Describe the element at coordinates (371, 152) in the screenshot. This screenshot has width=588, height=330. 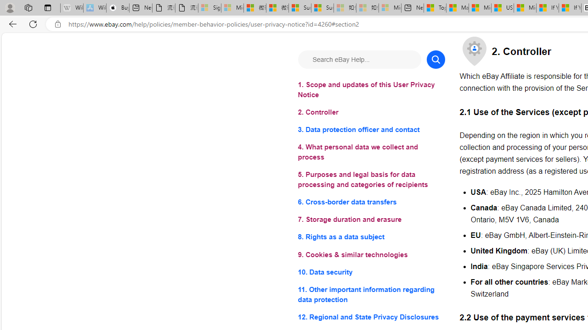
I see `'4. What personal data we collect and process'` at that location.